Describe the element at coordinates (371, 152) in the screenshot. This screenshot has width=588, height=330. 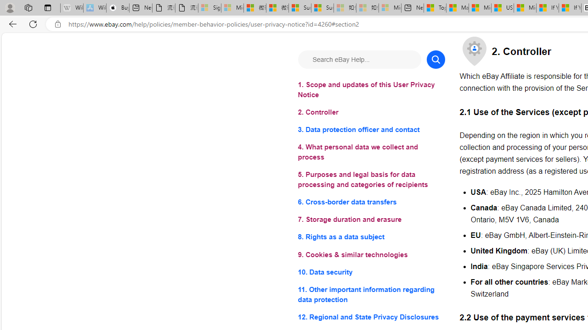
I see `'4. What personal data we collect and process'` at that location.